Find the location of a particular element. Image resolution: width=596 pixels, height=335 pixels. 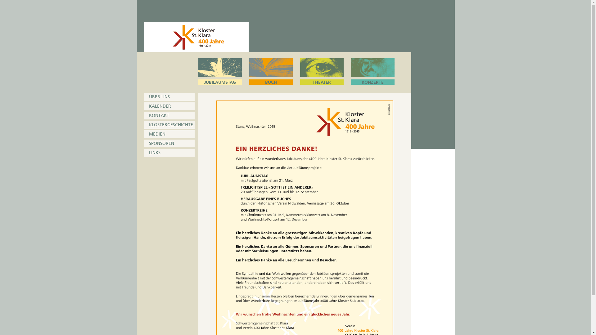

'BUCH' is located at coordinates (271, 71).